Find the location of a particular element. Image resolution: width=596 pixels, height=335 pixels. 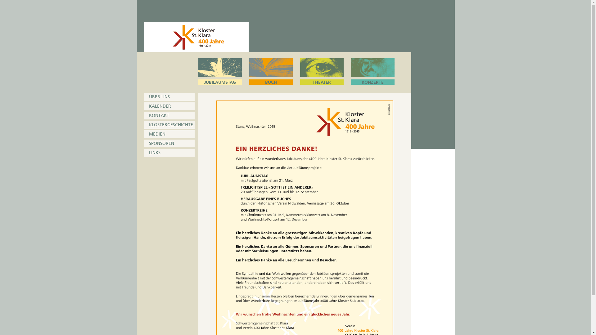

'BUCH' is located at coordinates (271, 71).